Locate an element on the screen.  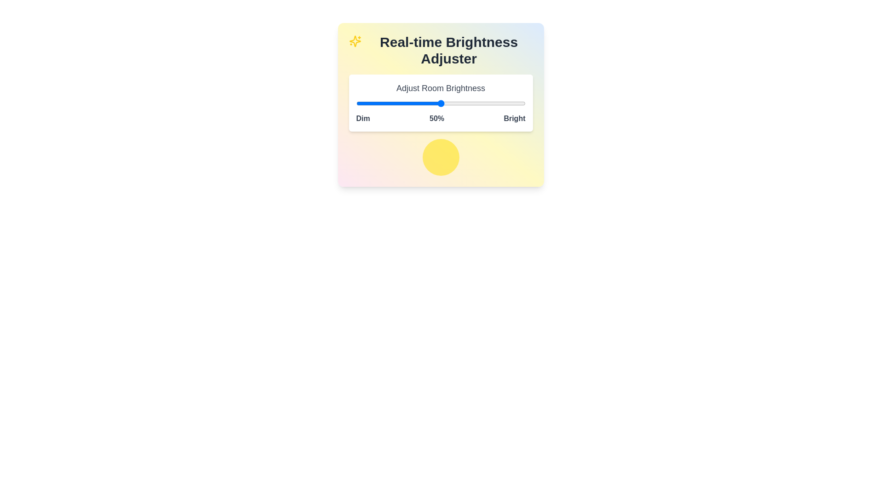
the brightness slider to set the brightness level to 95% is located at coordinates (517, 103).